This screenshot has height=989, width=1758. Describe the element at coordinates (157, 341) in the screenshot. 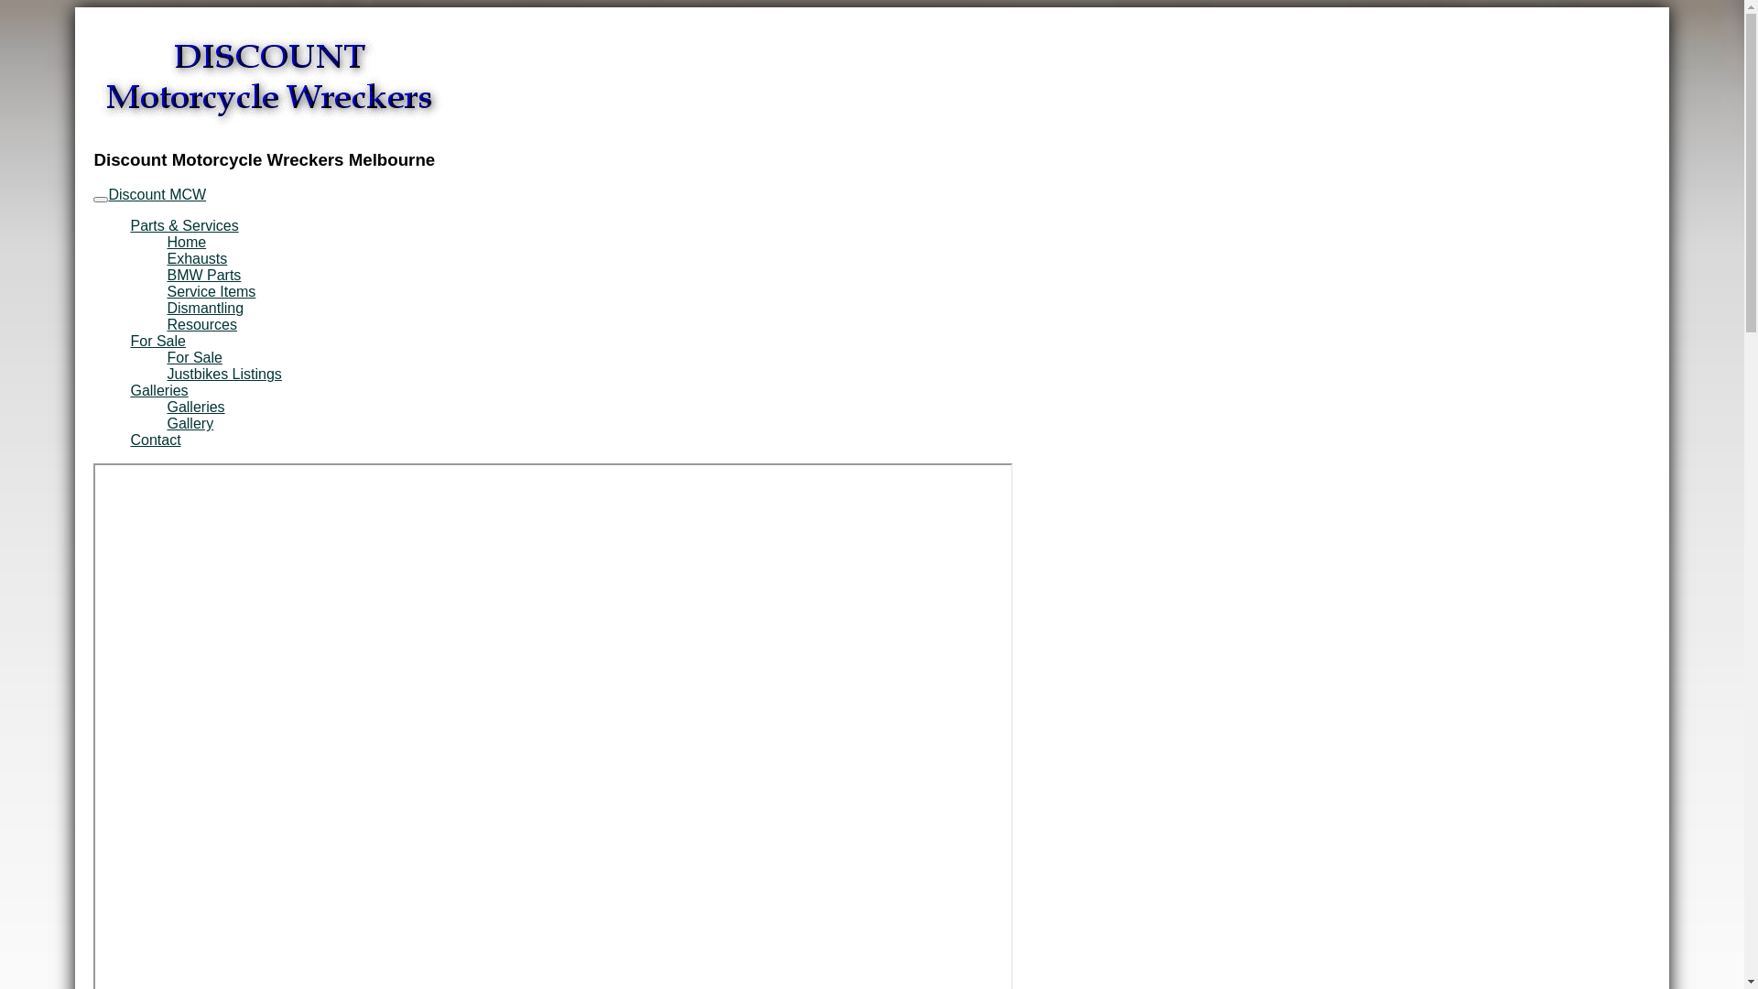

I see `'For Sale'` at that location.